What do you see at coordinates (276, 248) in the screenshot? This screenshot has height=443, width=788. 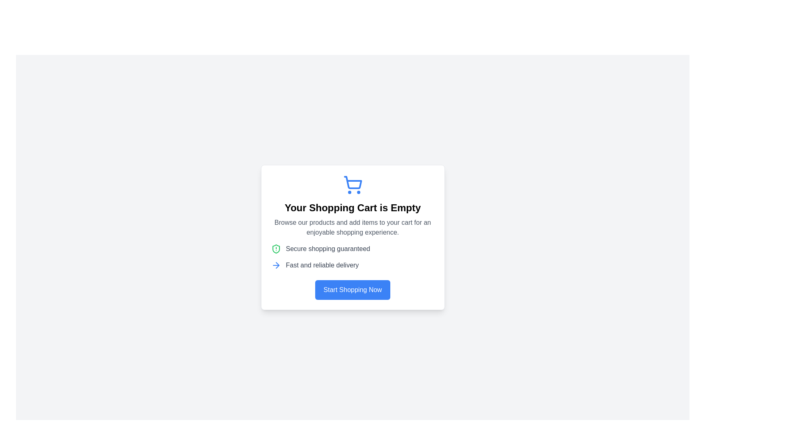 I see `the green shield icon that indicates an alert or notification, located to the left of the text 'Secure shopping guaranteed'` at bounding box center [276, 248].